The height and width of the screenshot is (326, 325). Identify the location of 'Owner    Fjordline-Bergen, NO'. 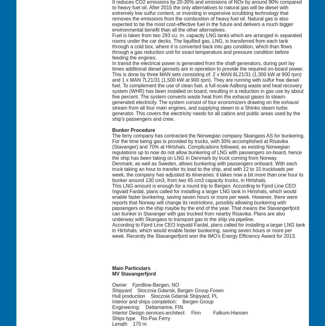
(145, 284).